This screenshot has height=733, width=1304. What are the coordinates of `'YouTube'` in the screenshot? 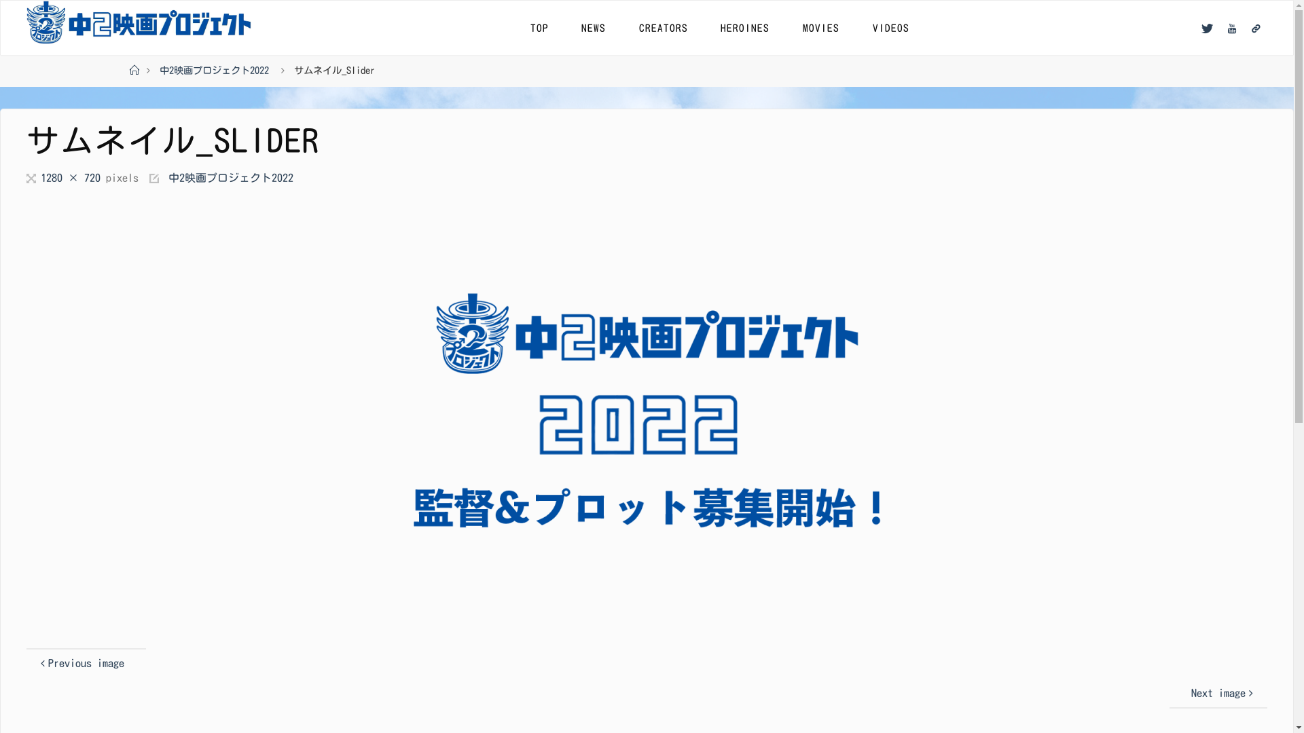 It's located at (1220, 28).